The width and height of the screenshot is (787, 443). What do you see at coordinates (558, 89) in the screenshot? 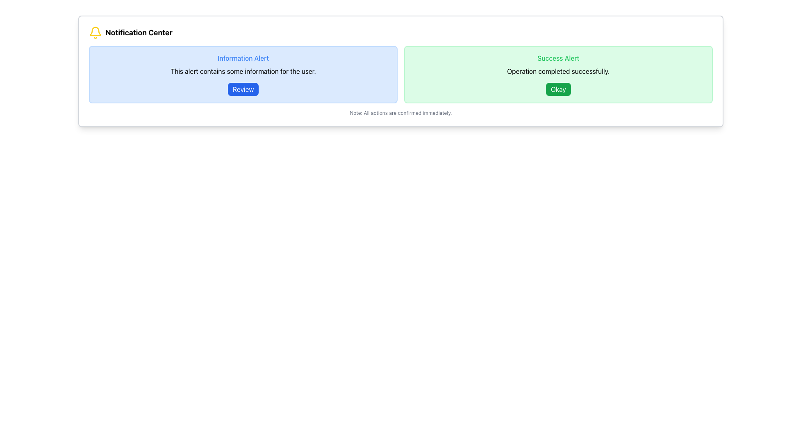
I see `the confirmation button located in the bottom-right corner of the green alert box titled 'Success Alert'` at bounding box center [558, 89].